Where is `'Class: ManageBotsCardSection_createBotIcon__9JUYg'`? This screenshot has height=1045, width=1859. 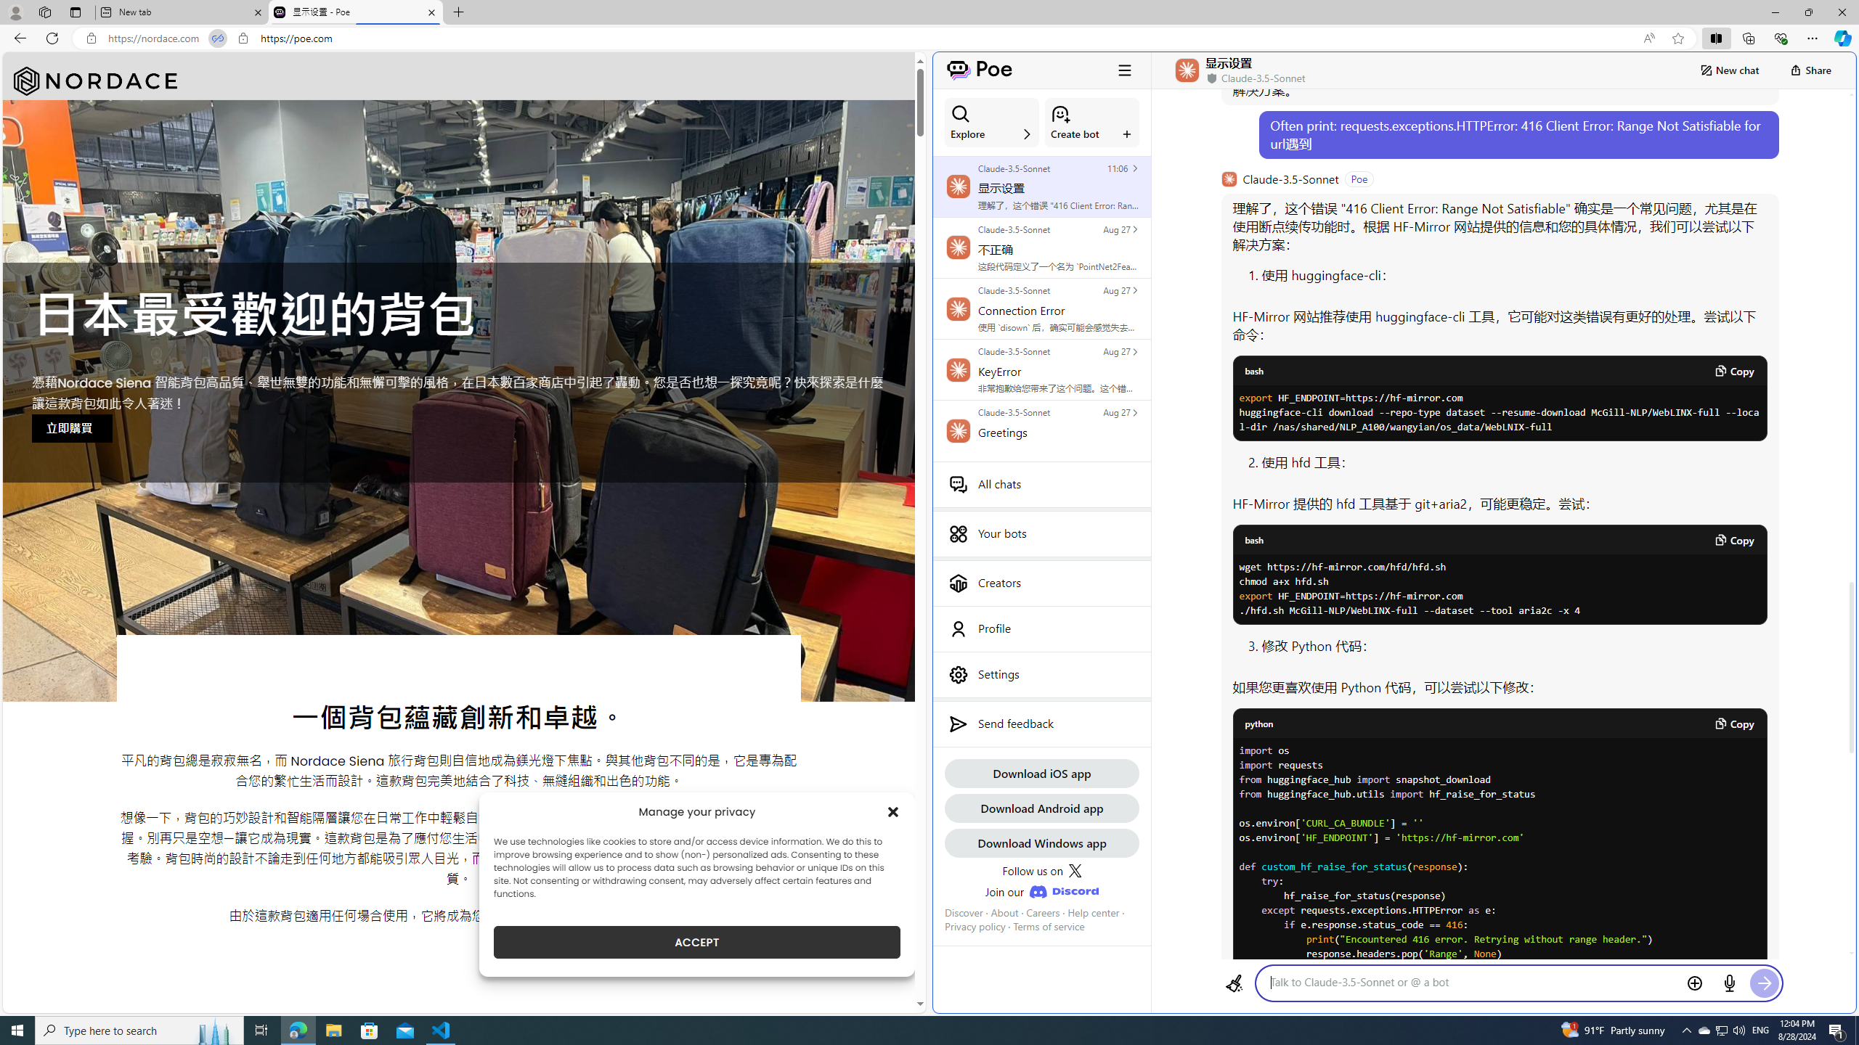
'Class: ManageBotsCardSection_createBotIcon__9JUYg' is located at coordinates (1059, 113).